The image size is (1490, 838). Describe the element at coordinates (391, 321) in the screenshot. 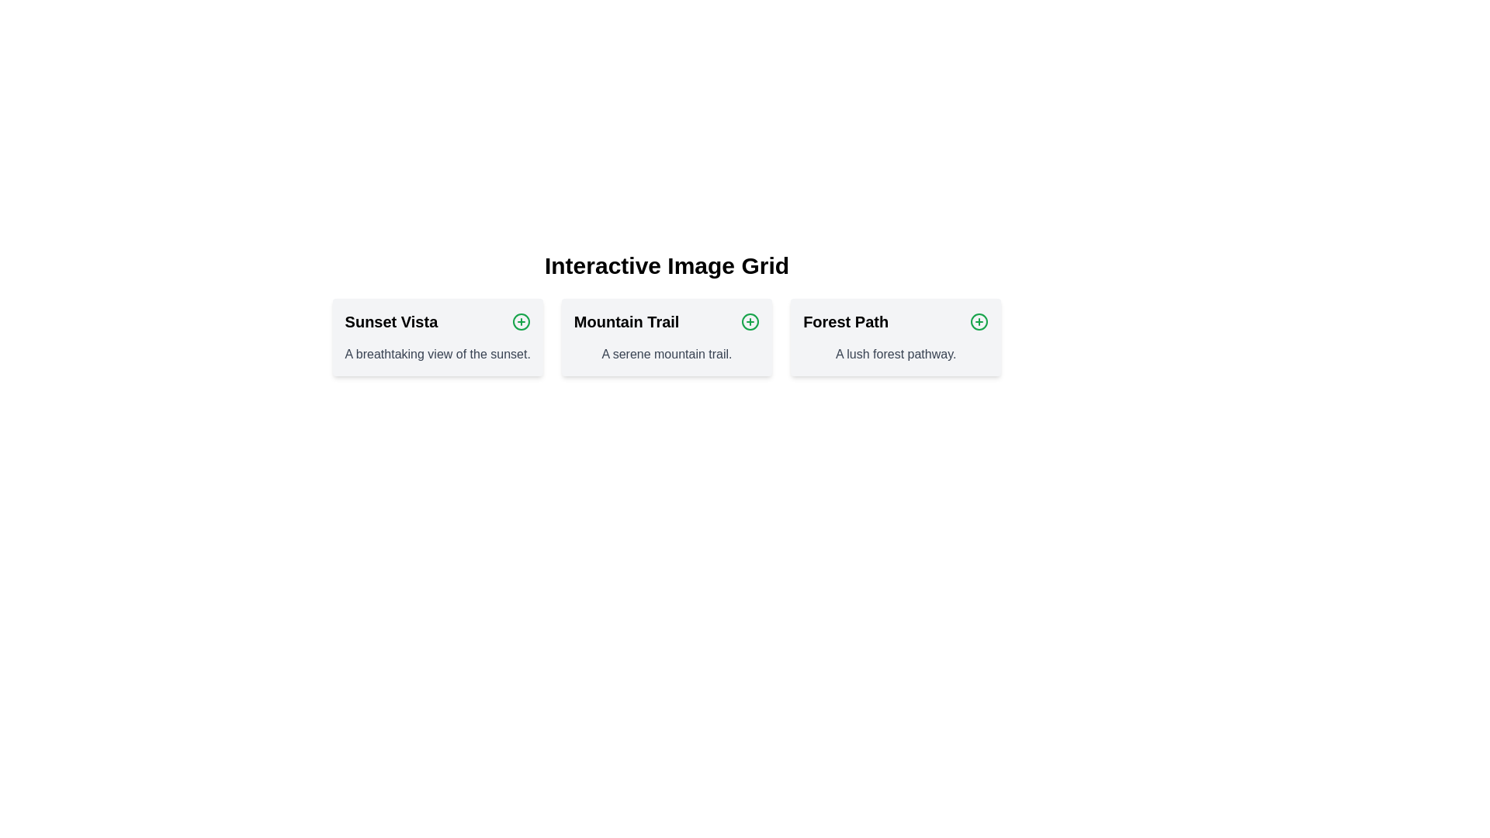

I see `Text Label that serves as the title for the first tile, positioned at the top-left section above descriptive text and to the left of the '+' icon` at that location.